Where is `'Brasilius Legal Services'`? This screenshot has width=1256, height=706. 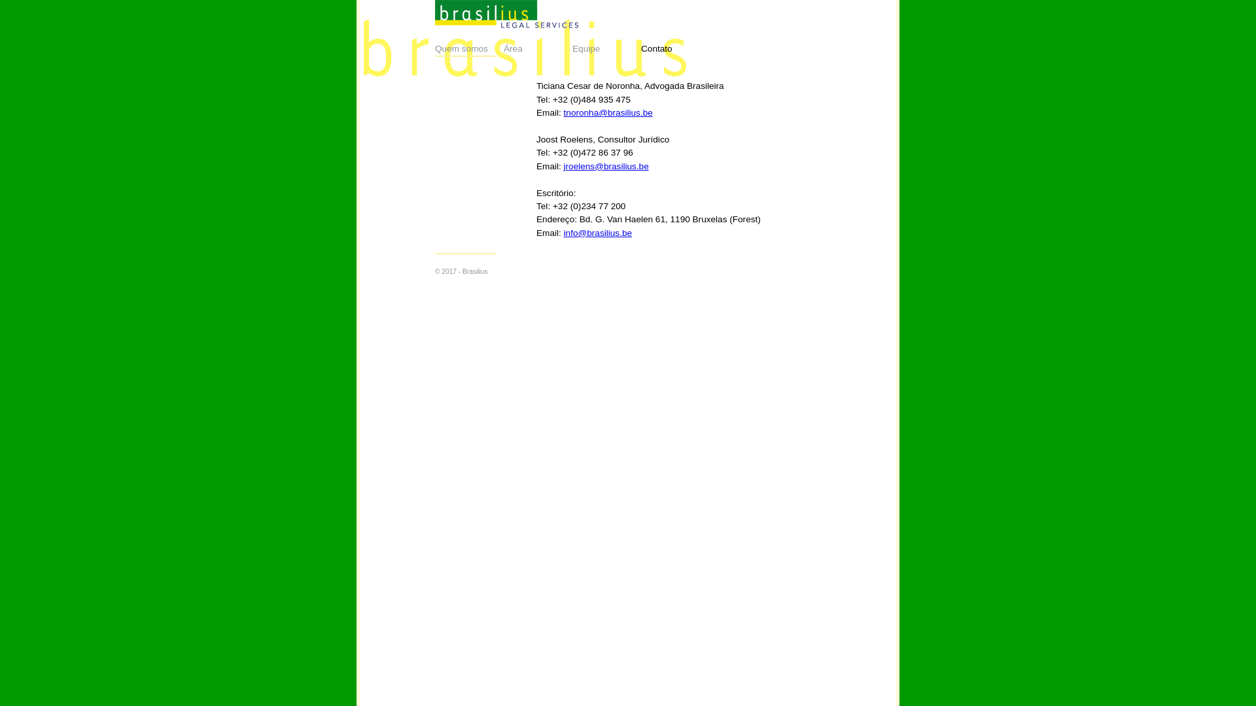 'Brasilius Legal Services' is located at coordinates (435, 14).